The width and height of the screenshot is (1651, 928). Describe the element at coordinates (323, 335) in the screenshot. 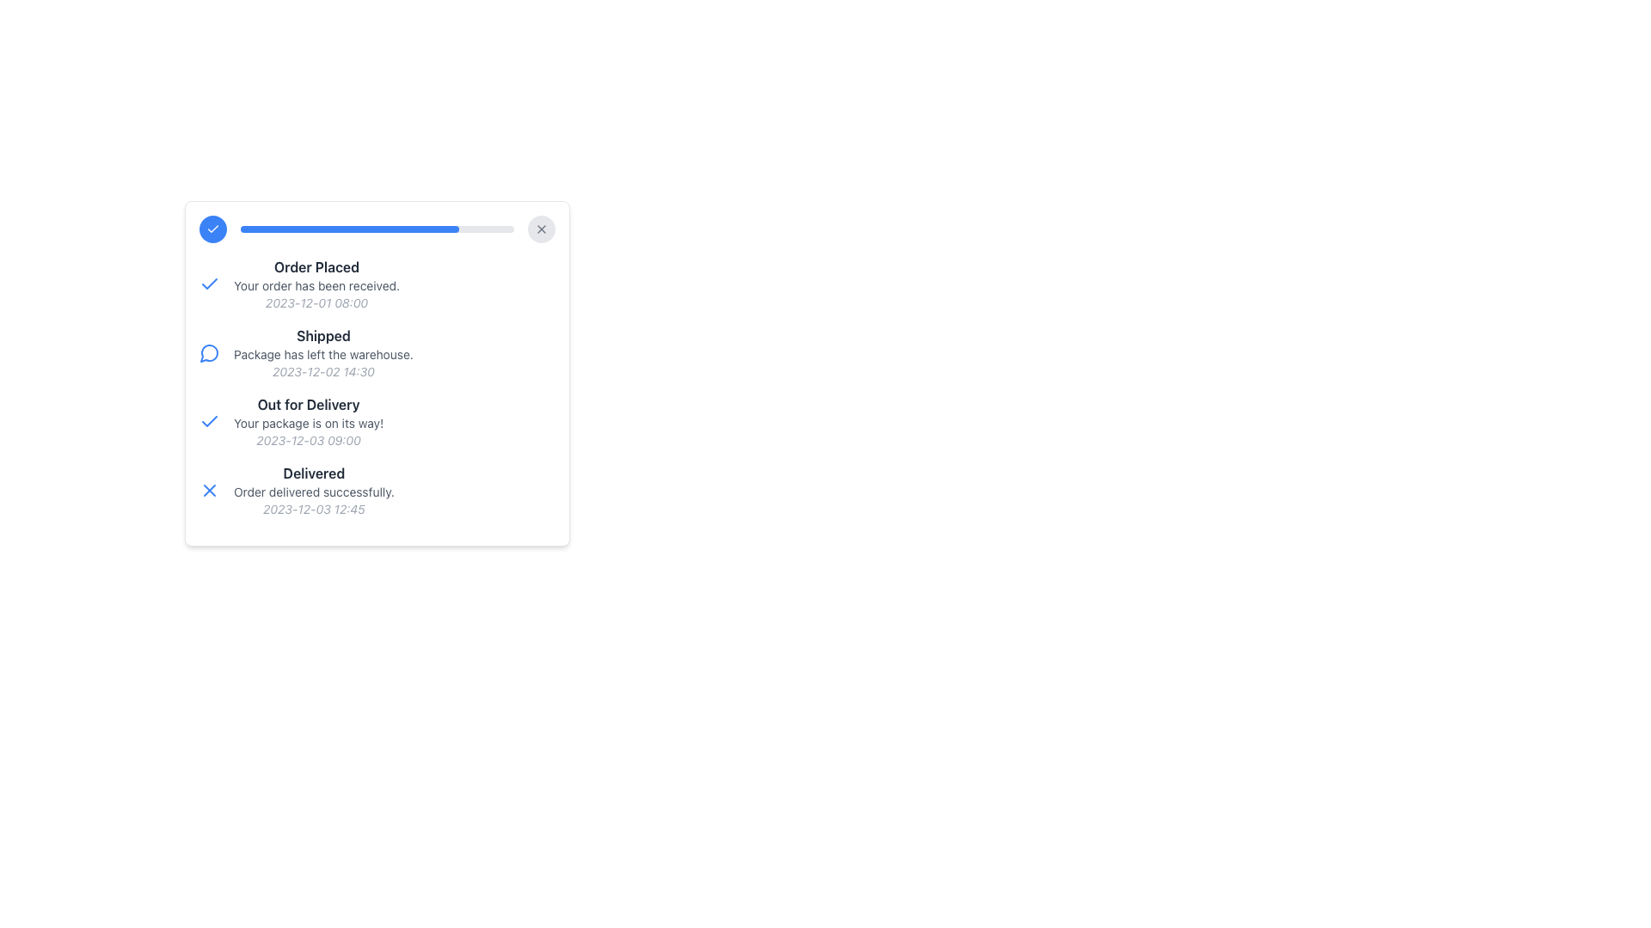

I see `text from the status indicator label that shows the package has been shipped, located below 'Order Placed' and above 'Out for Delivery'` at that location.